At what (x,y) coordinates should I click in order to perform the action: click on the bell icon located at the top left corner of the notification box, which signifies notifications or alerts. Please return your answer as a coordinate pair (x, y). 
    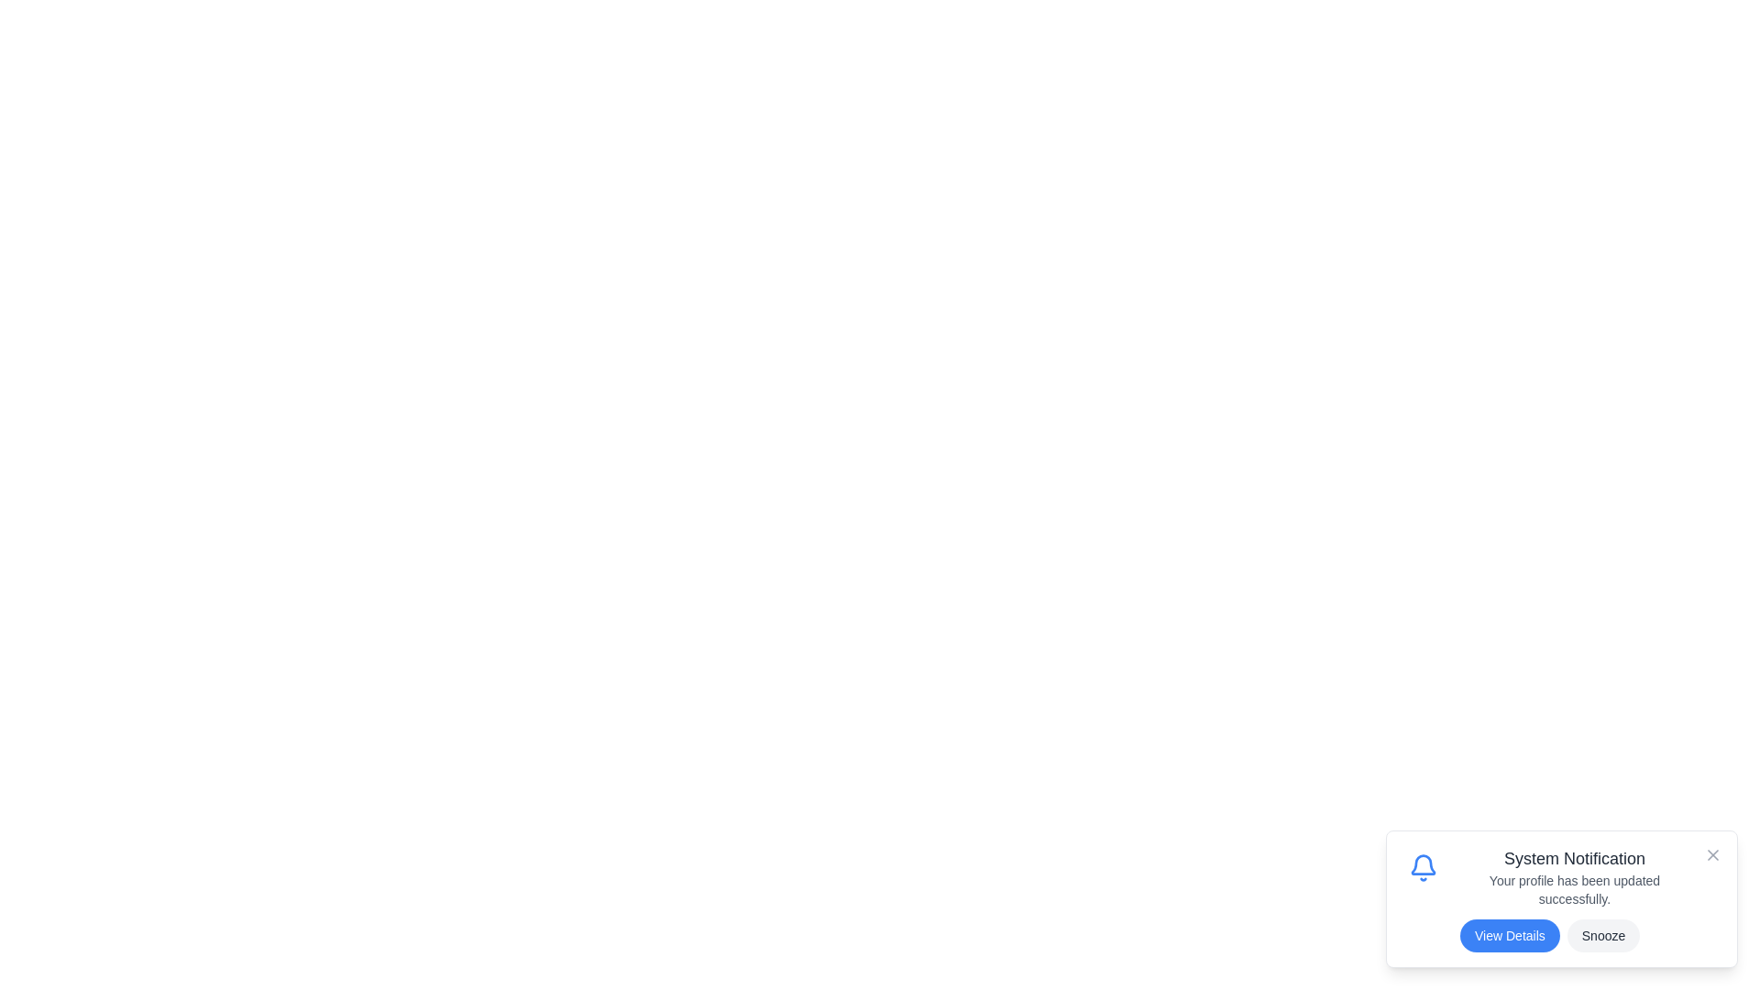
    Looking at the image, I should click on (1423, 867).